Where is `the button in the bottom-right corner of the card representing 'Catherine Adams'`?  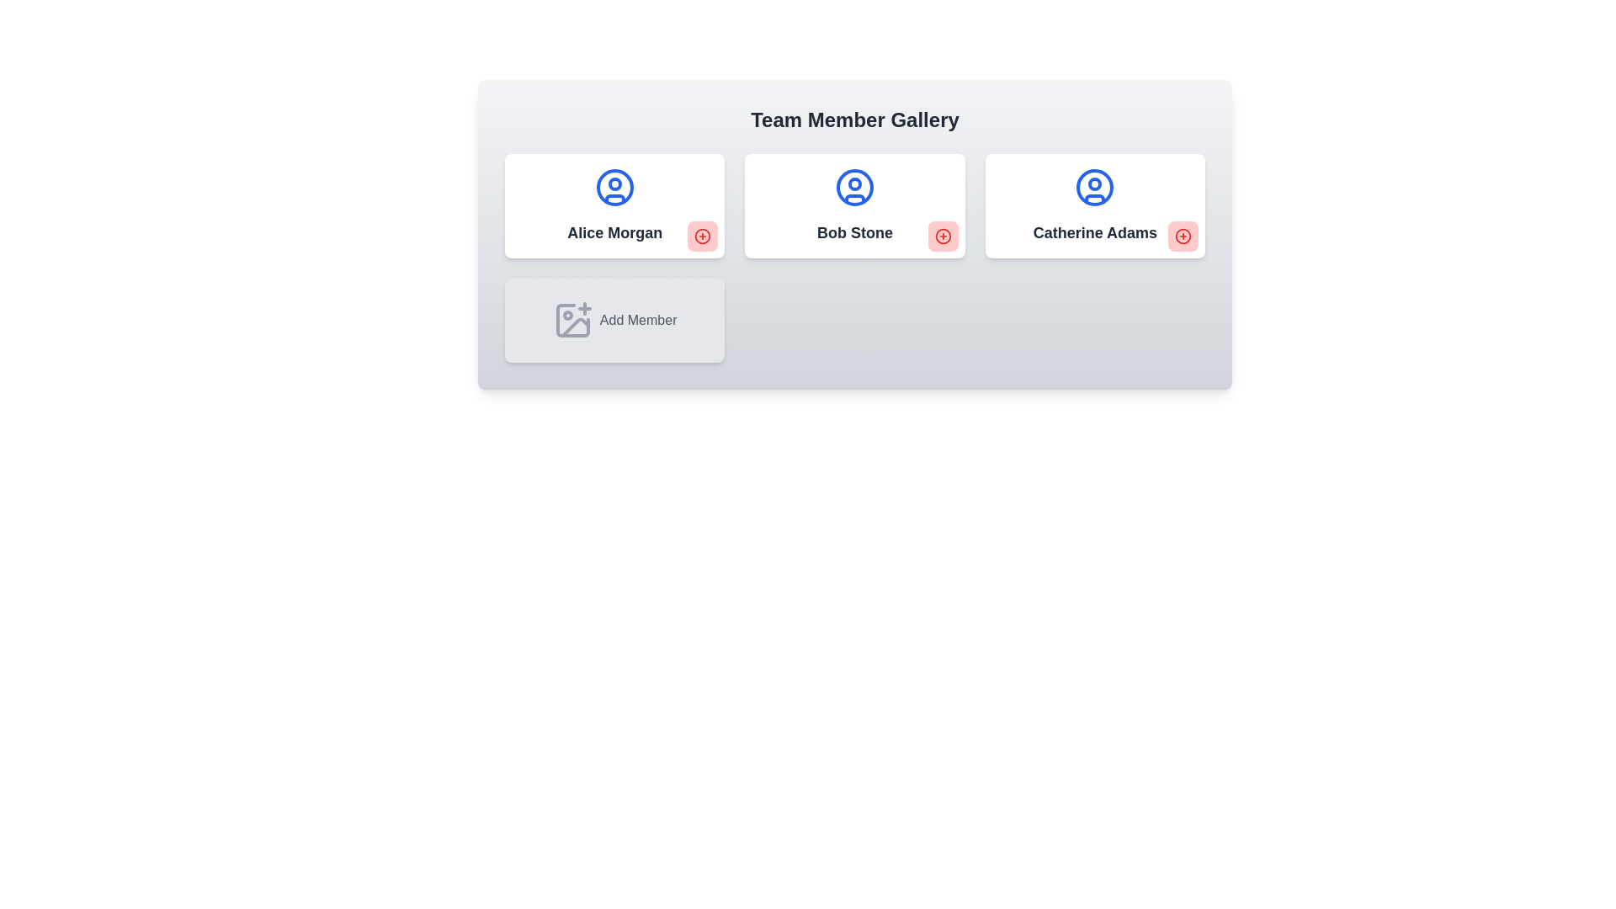 the button in the bottom-right corner of the card representing 'Catherine Adams' is located at coordinates (1183, 237).